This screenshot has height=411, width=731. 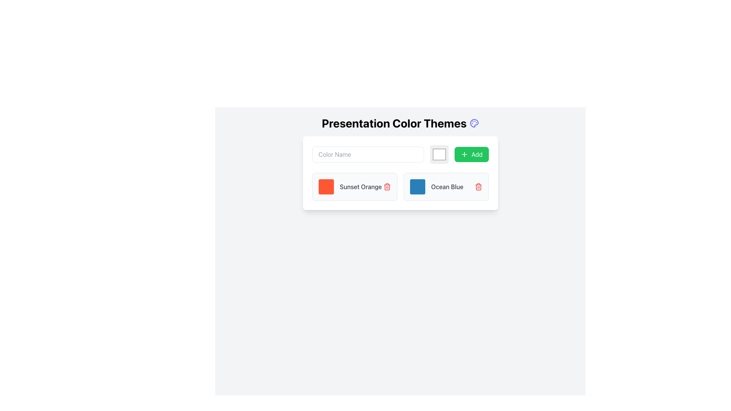 I want to click on the trashcan body icon of the delete button located to the right of the 'Ocean Blue' label in the lower right area of the interface, so click(x=478, y=187).